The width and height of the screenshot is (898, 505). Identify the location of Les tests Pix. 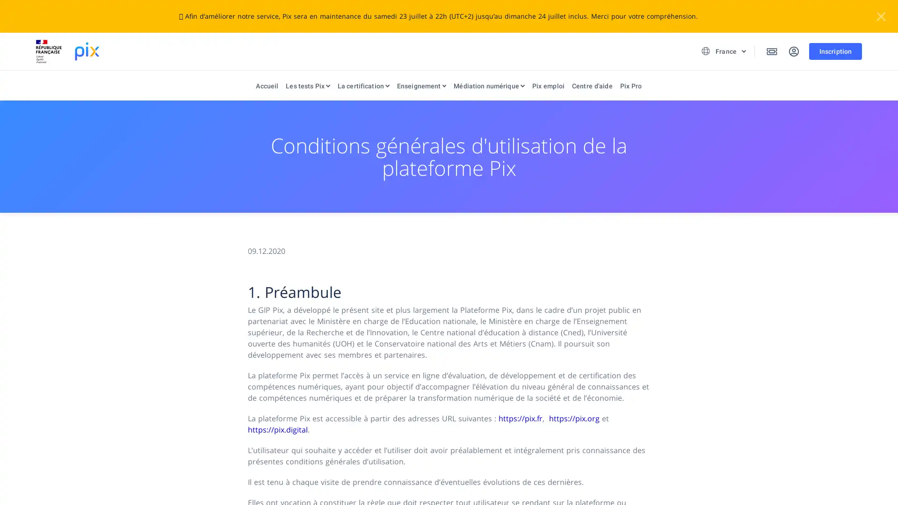
(307, 88).